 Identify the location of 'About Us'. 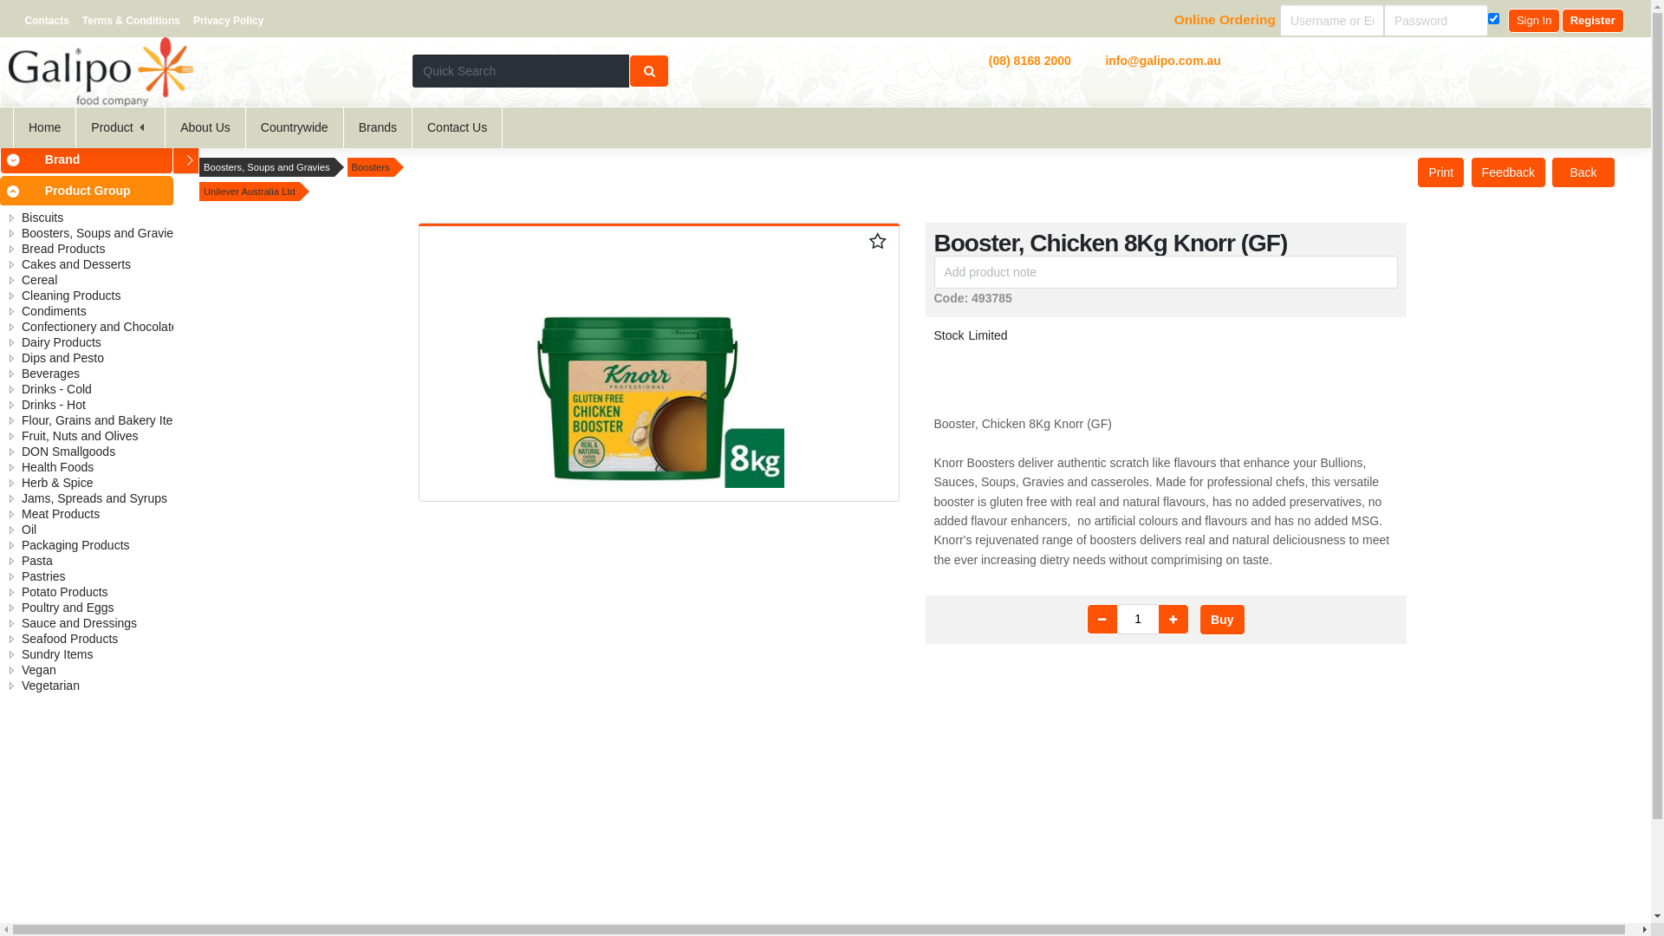
(205, 126).